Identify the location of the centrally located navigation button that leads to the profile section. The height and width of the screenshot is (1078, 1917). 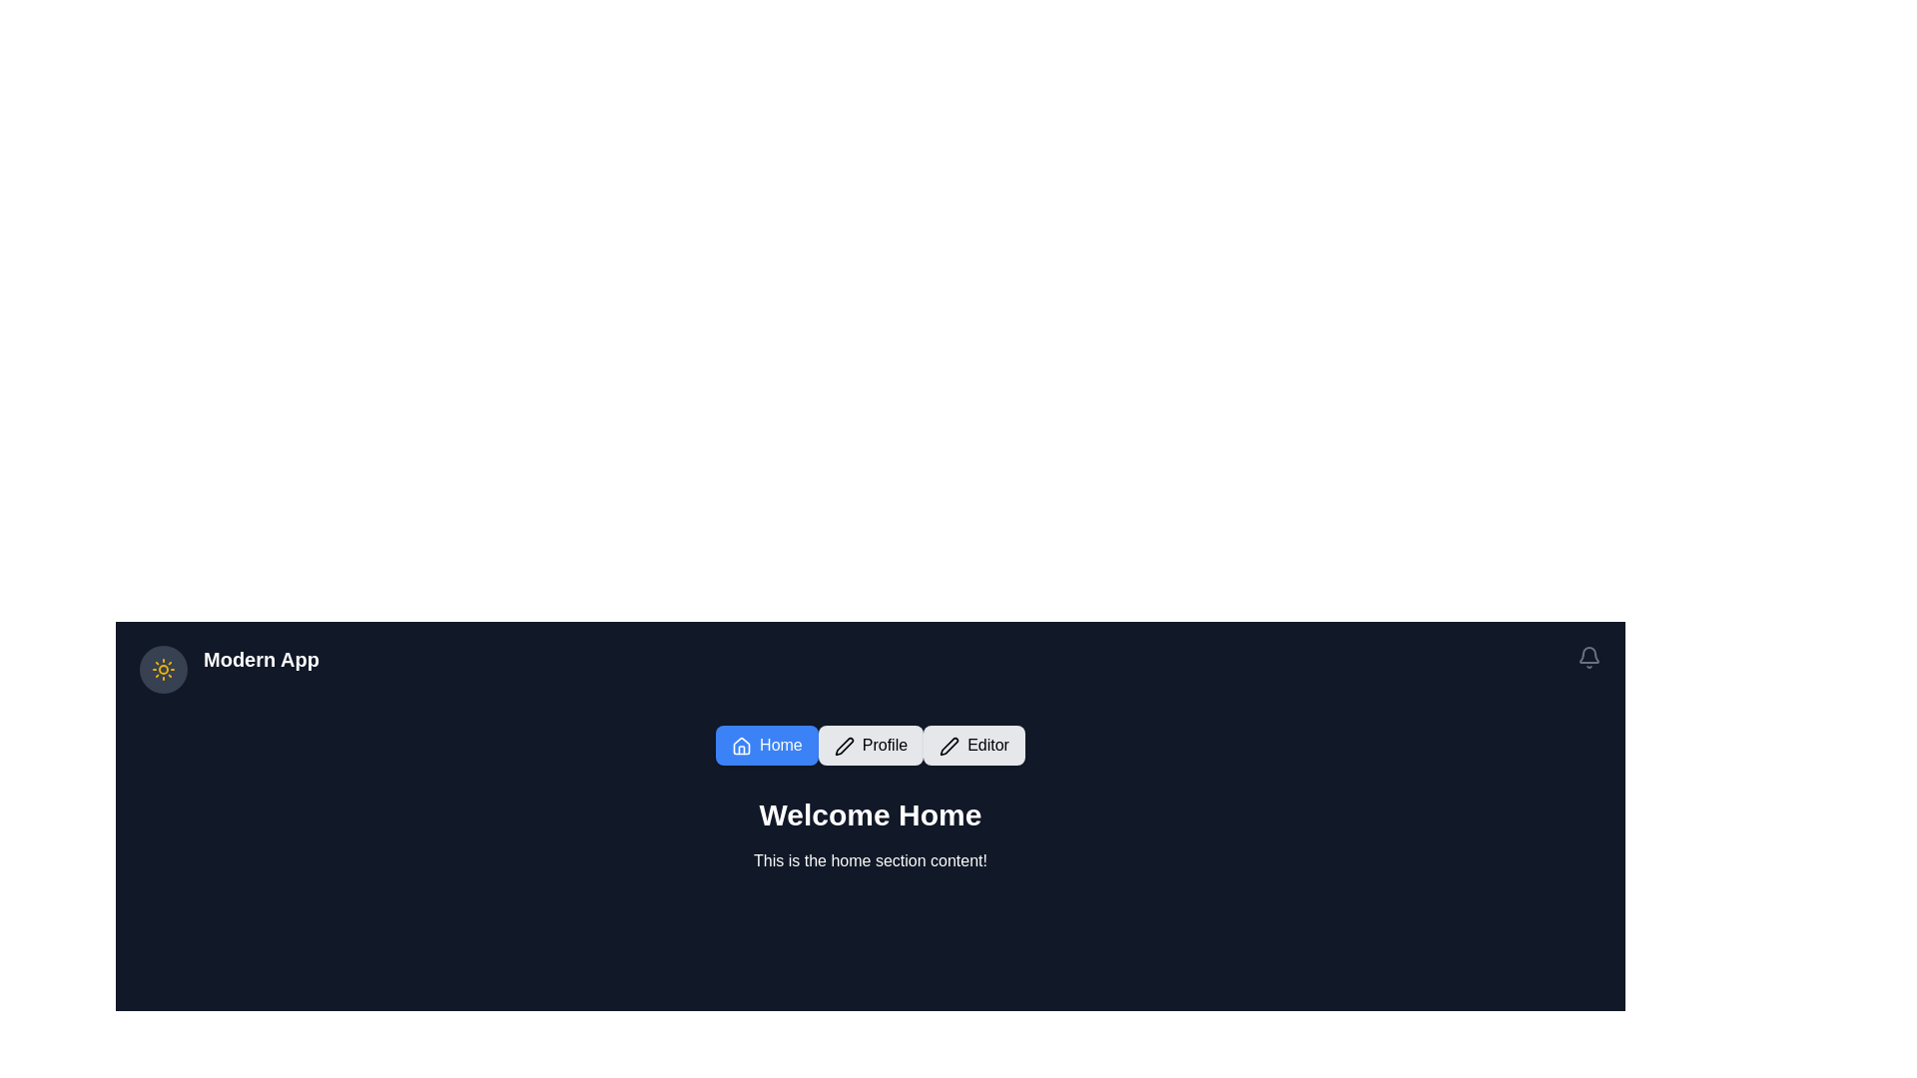
(871, 746).